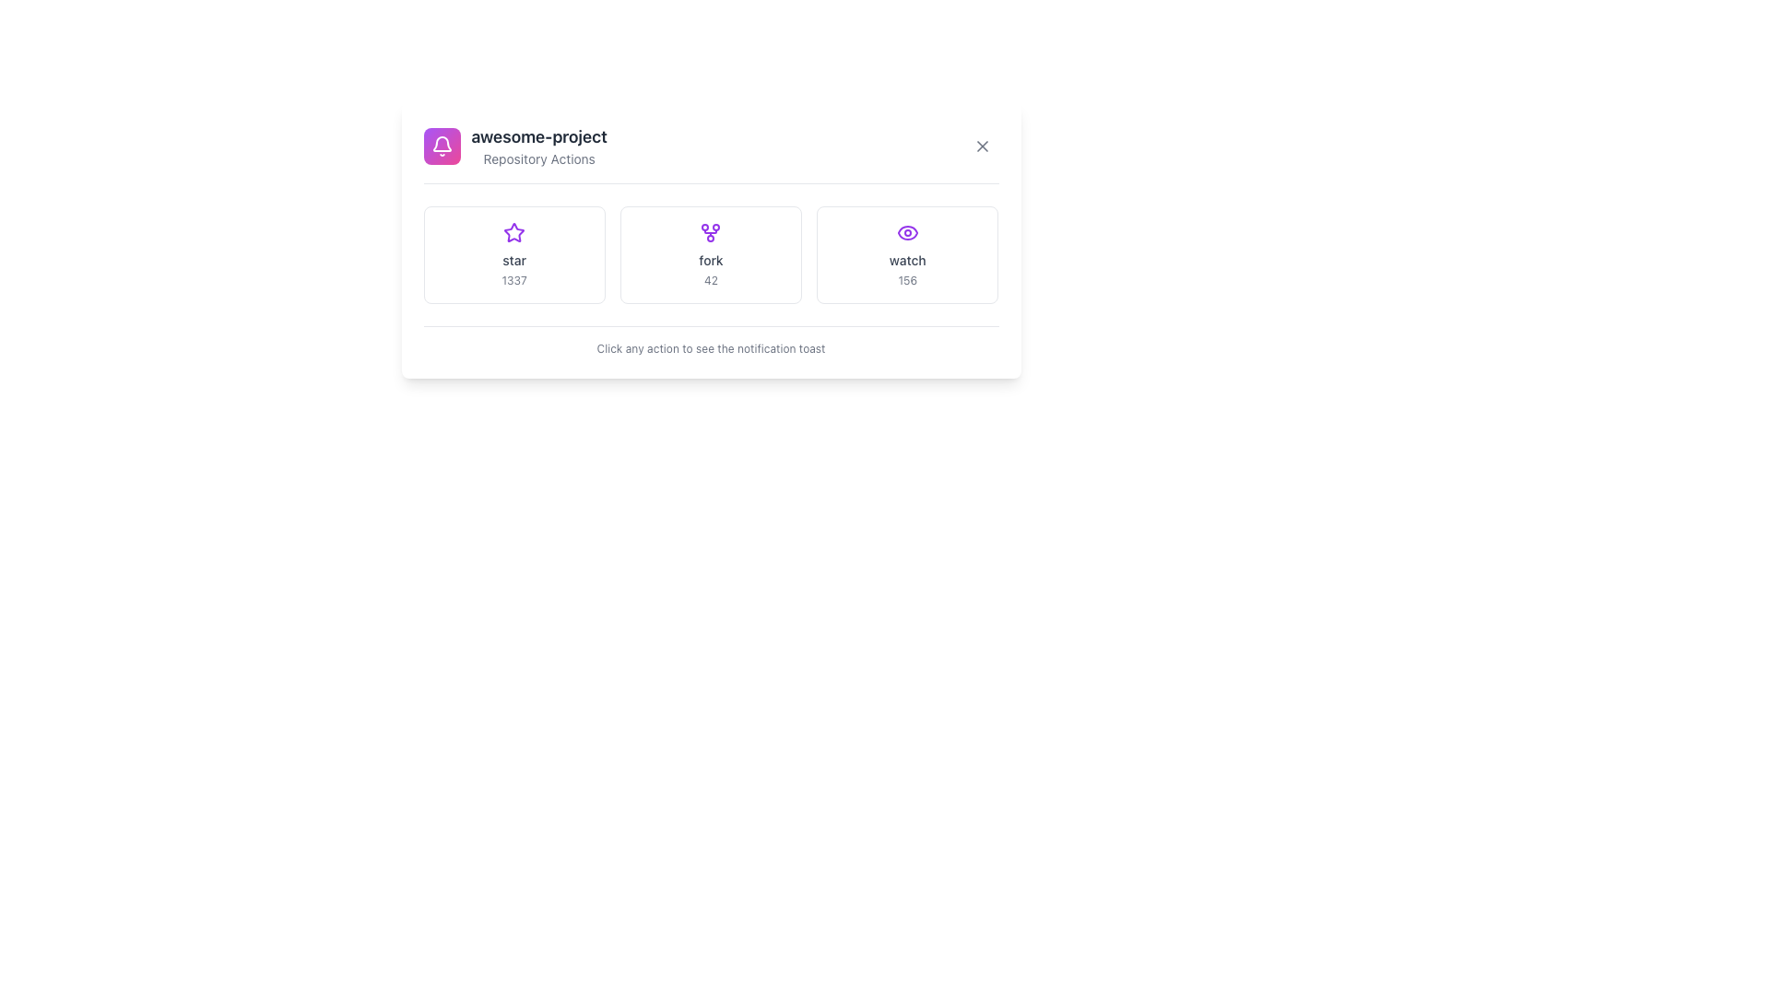 This screenshot has height=995, width=1770. Describe the element at coordinates (710, 260) in the screenshot. I see `text label located below the forking diagram icon in the central interactive card, which provides context for the associated functionality` at that location.